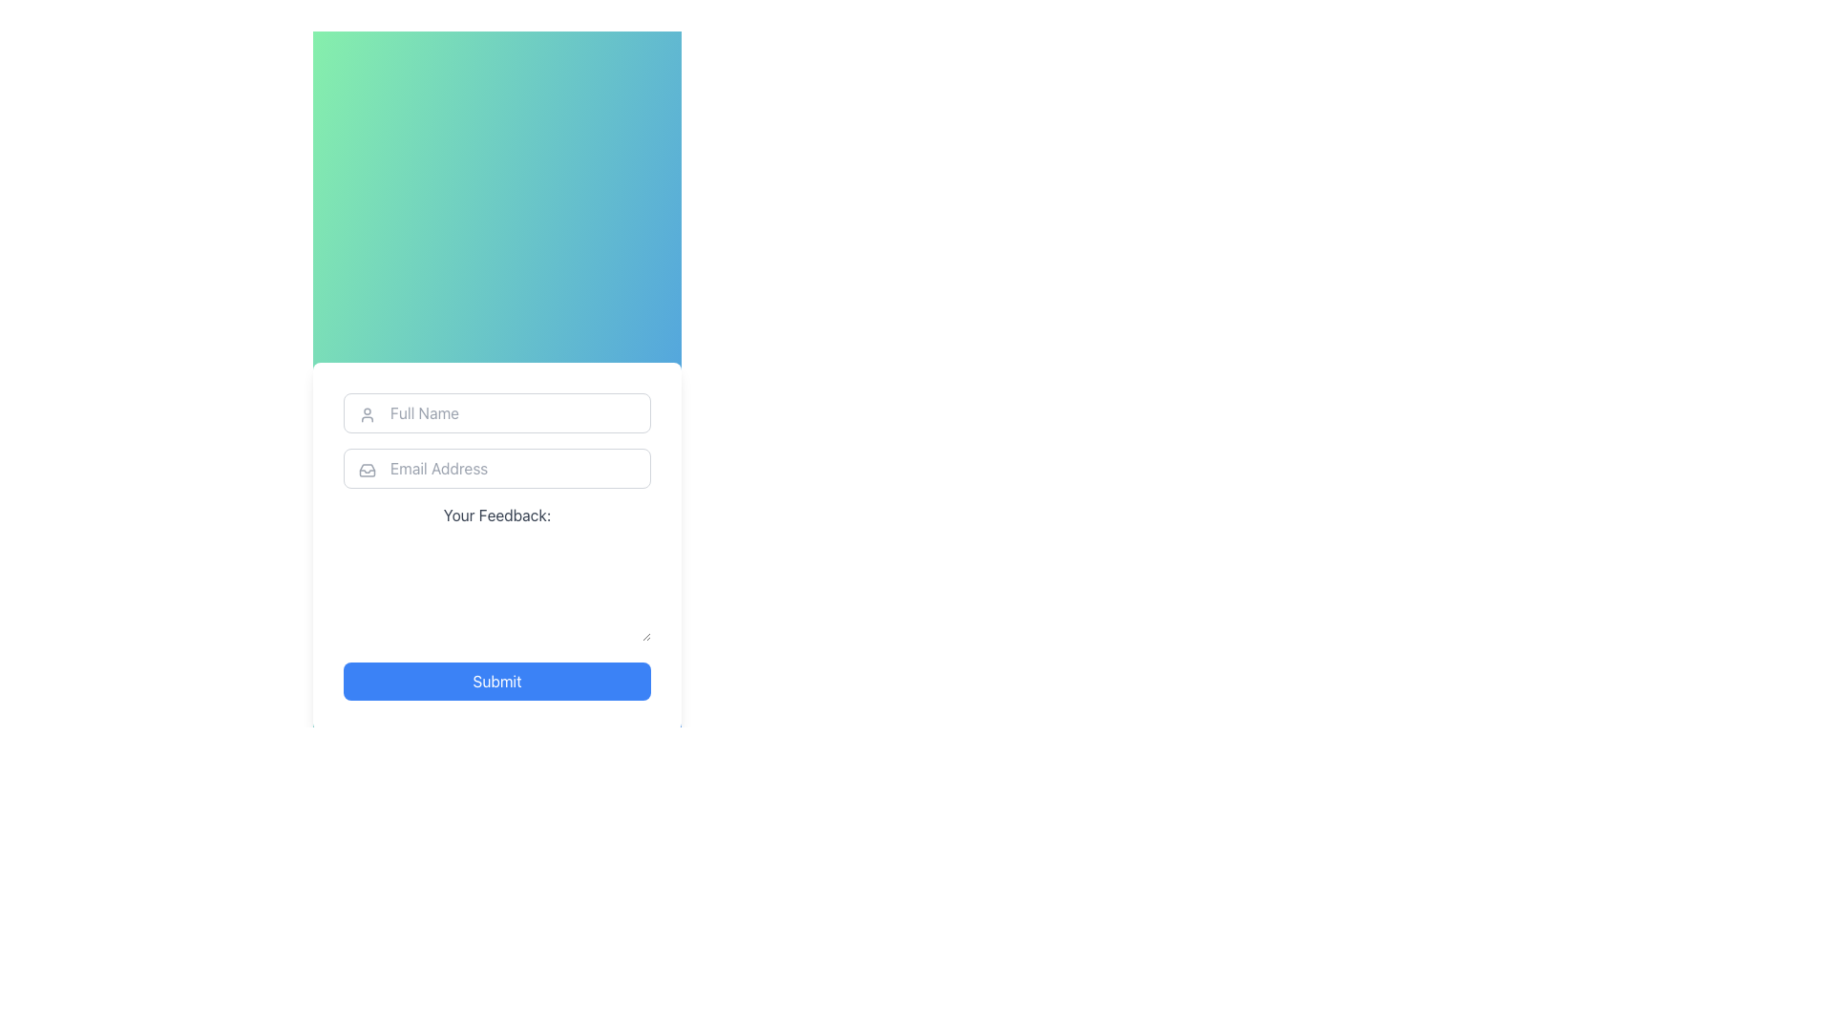 This screenshot has width=1833, height=1031. What do you see at coordinates (367, 471) in the screenshot?
I see `the small light gray inbox icon located to the left of the Email Address input field` at bounding box center [367, 471].